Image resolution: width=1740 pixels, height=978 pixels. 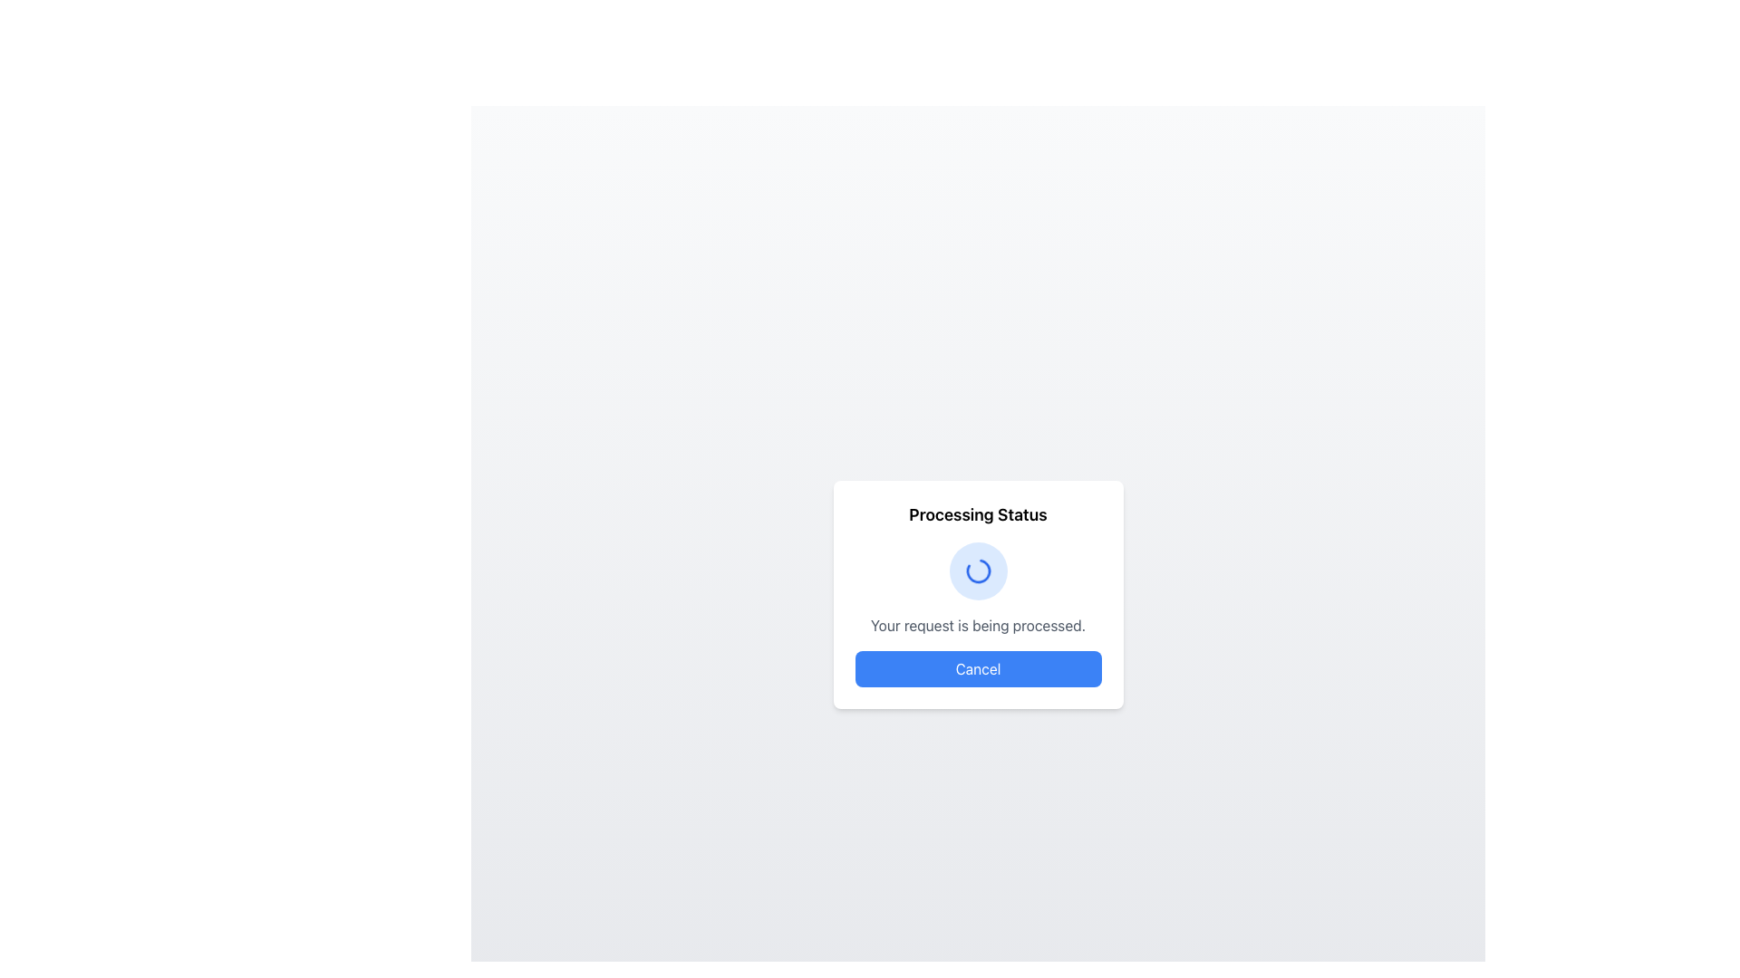 I want to click on the loading spinner, which is a circular component with a light blue background and a spinning blue circular stroke, located below the 'Processing Status' title and above the 'Your request is being processed' paragraph, so click(x=977, y=571).